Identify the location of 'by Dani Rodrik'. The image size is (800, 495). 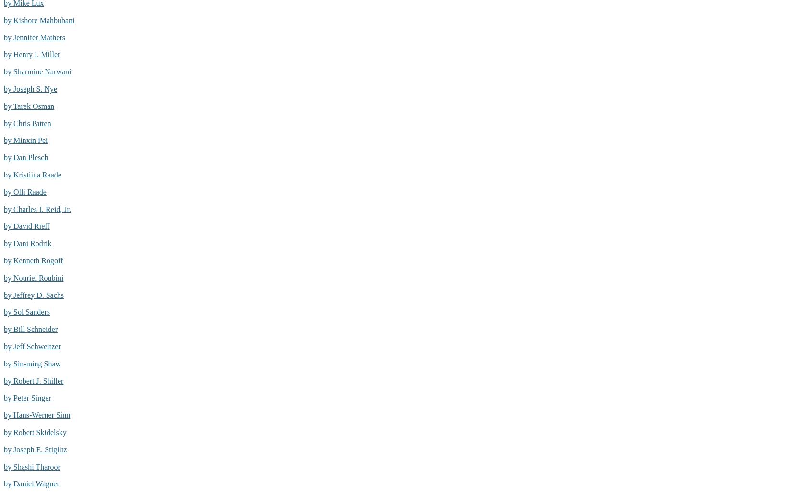
(27, 243).